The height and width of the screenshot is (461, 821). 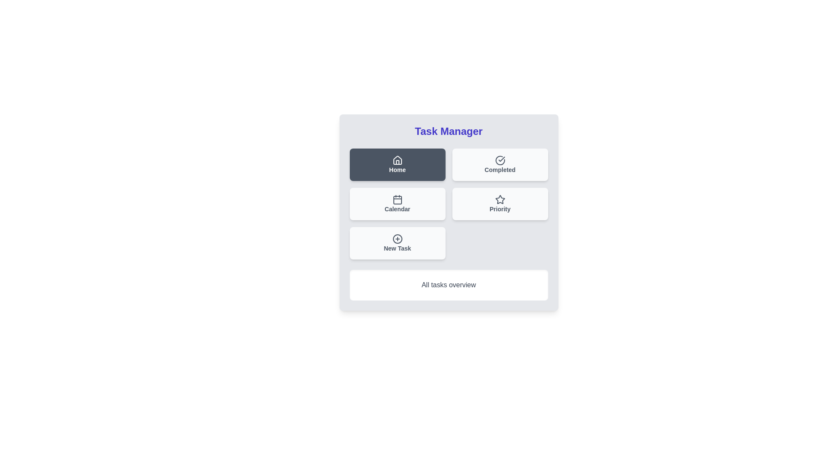 What do you see at coordinates (397, 239) in the screenshot?
I see `the 'New Task' icon, which is part of the button group located directly above the 'New Task' label` at bounding box center [397, 239].